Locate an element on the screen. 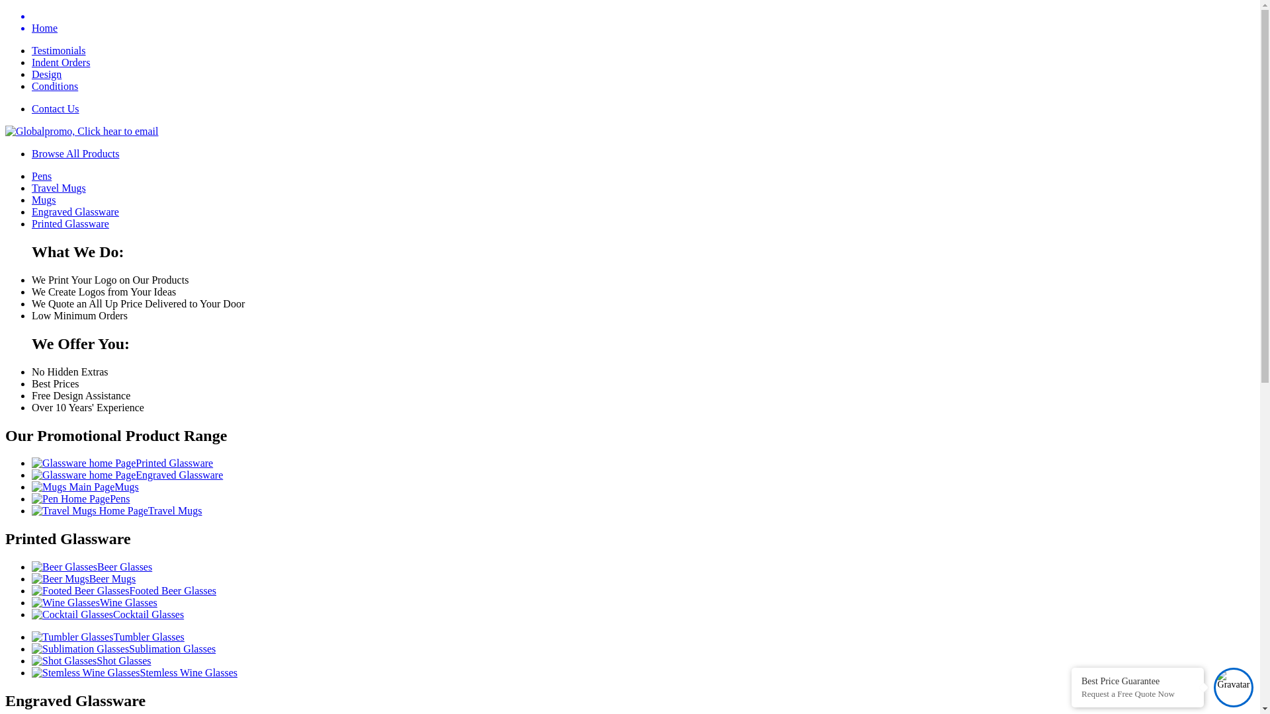  'Indent Orders' is located at coordinates (60, 62).